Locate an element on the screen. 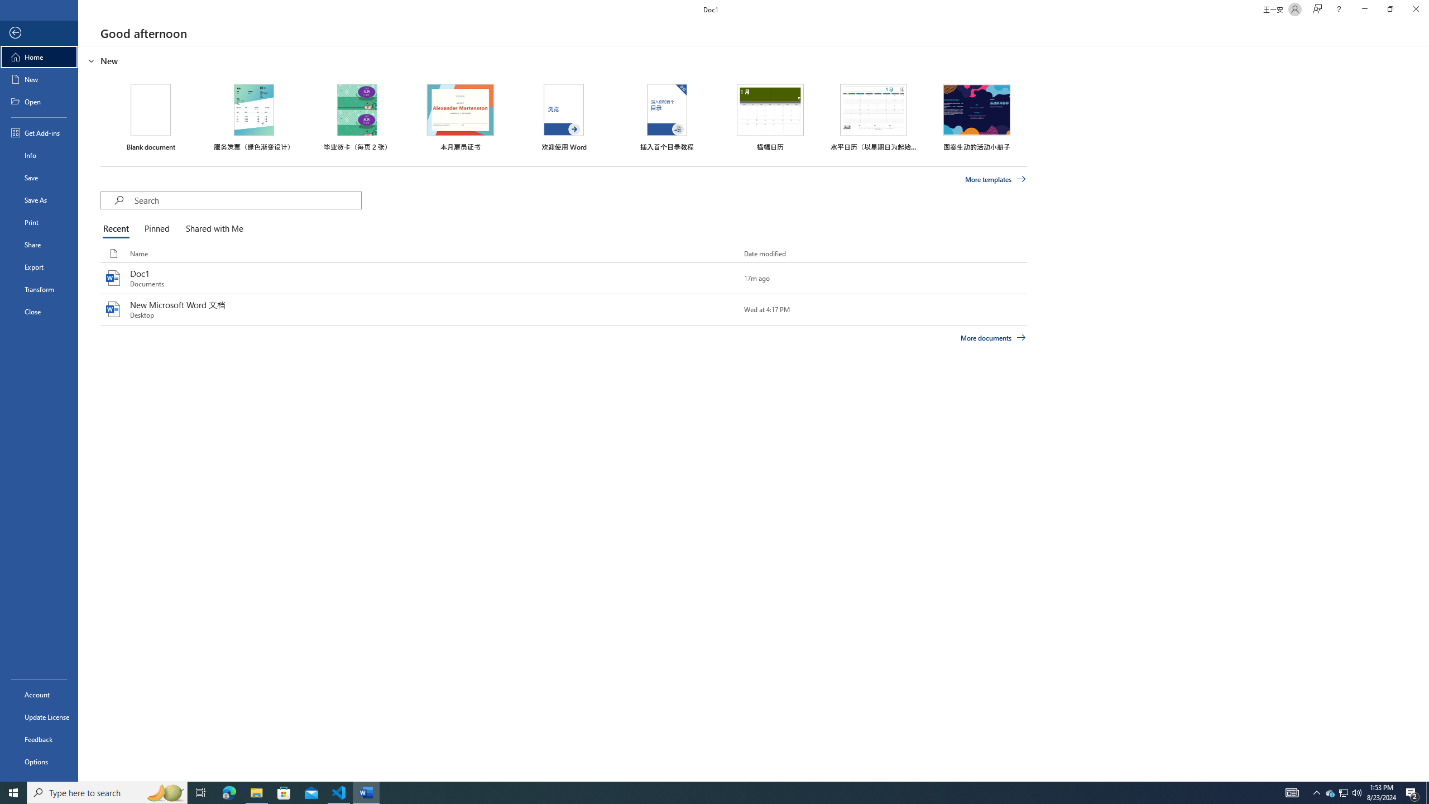 The image size is (1429, 804). 'Get Add-ins' is located at coordinates (39, 132).